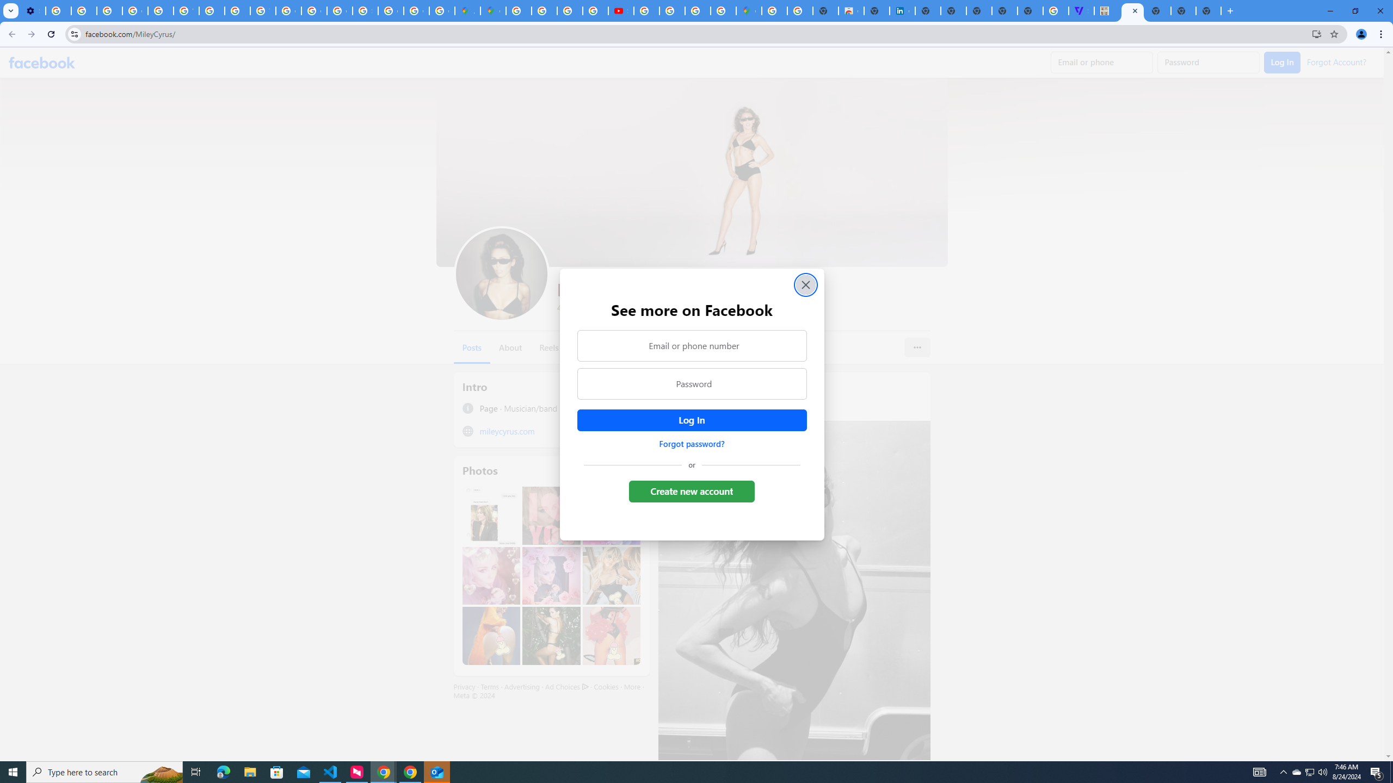  What do you see at coordinates (58, 10) in the screenshot?
I see `'Delete photos & videos - Computer - Google Photos Help'` at bounding box center [58, 10].